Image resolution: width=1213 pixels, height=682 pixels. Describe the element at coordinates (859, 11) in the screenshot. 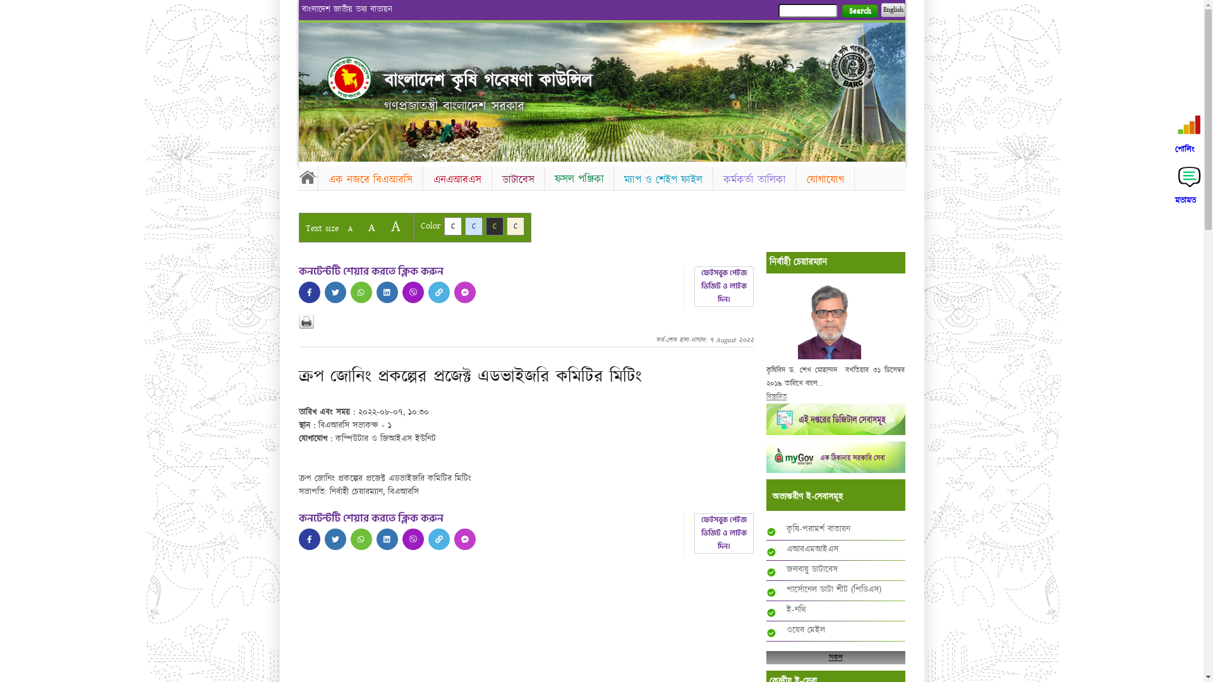

I see `'Search'` at that location.